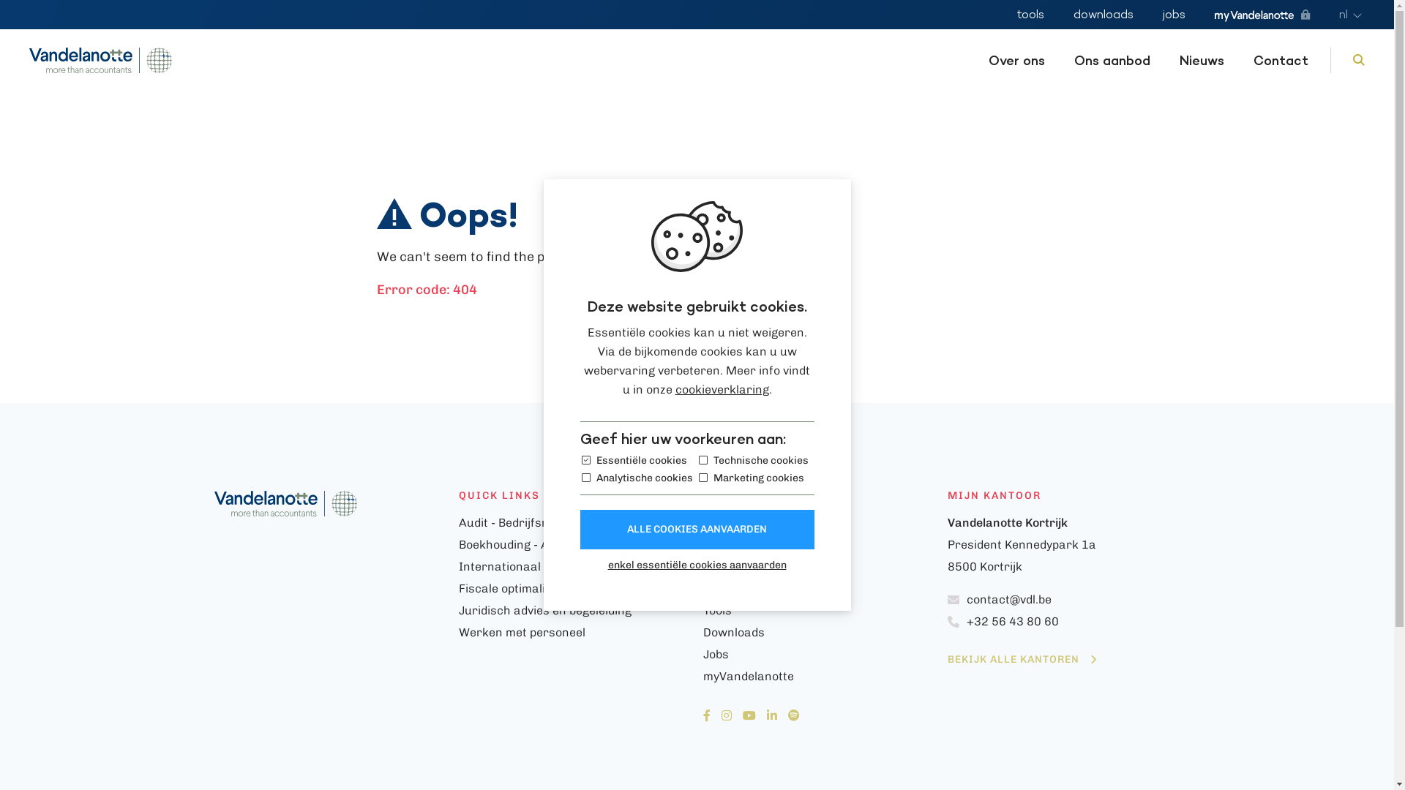 The height and width of the screenshot is (790, 1405). I want to click on '+32 56 43 80 60', so click(1063, 621).